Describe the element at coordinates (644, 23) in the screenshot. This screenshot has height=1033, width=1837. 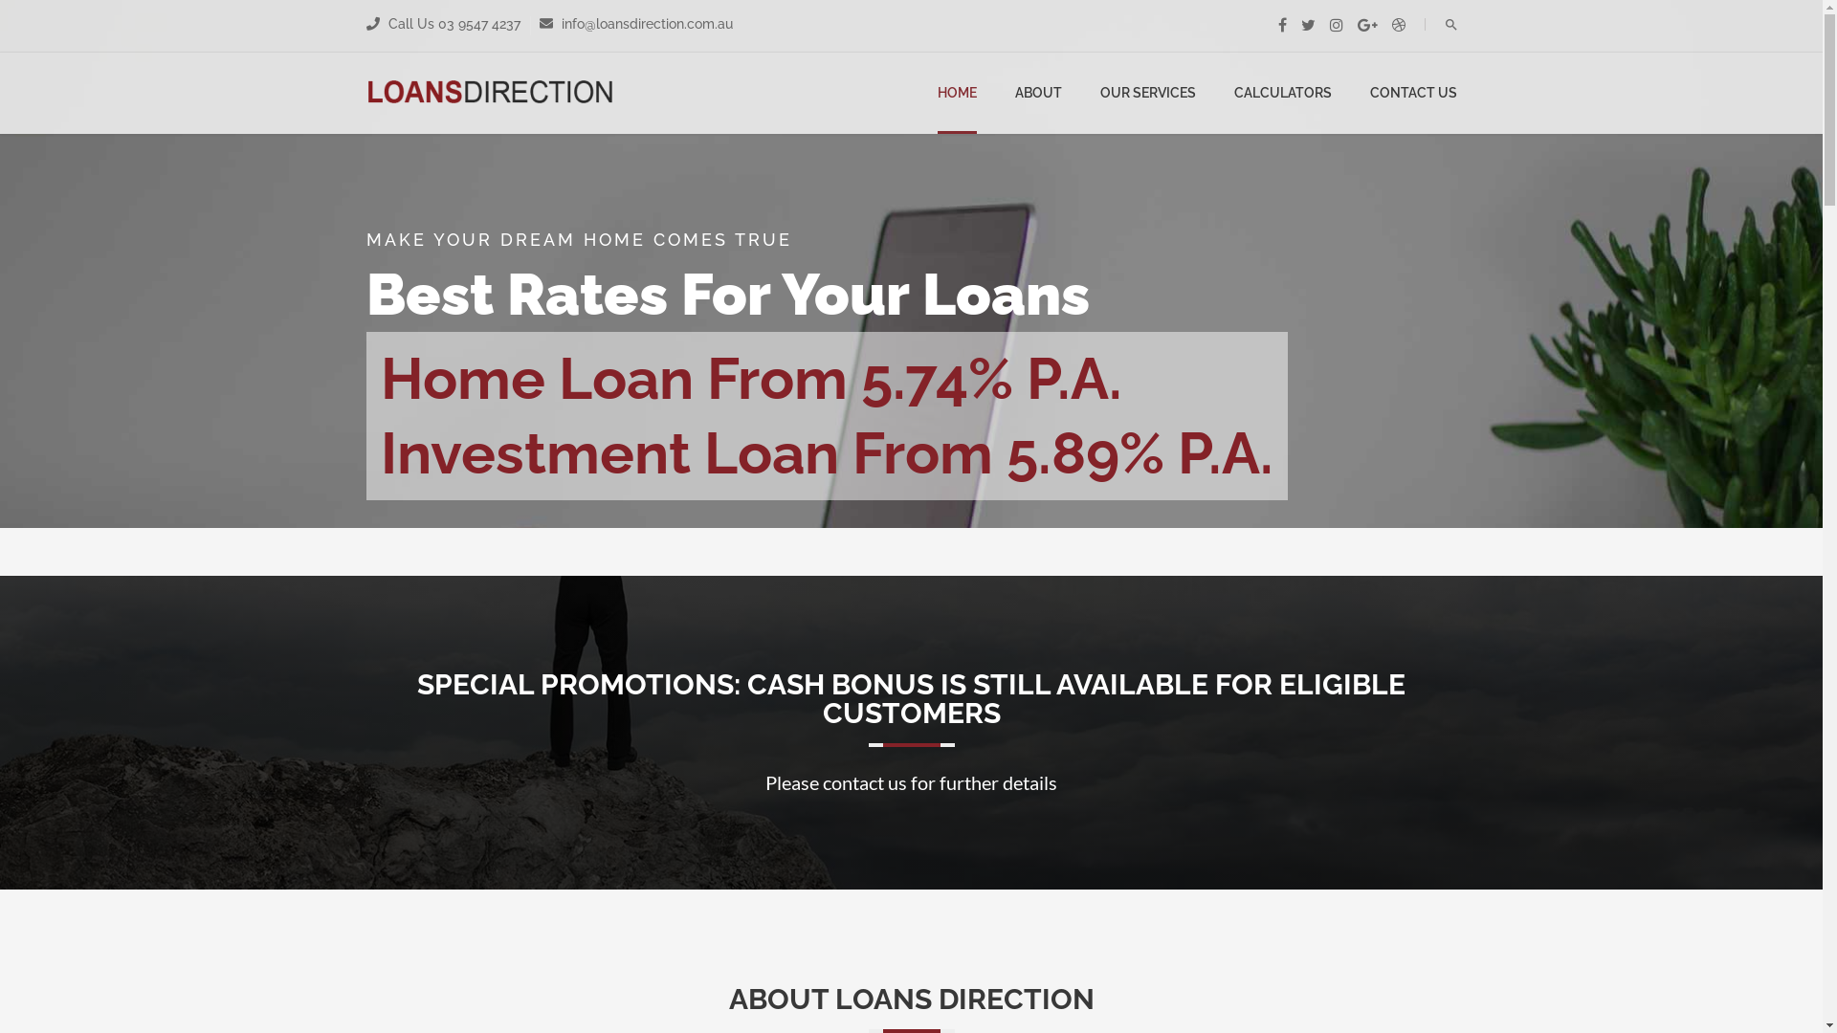
I see `'info@loansdirection.com.au'` at that location.